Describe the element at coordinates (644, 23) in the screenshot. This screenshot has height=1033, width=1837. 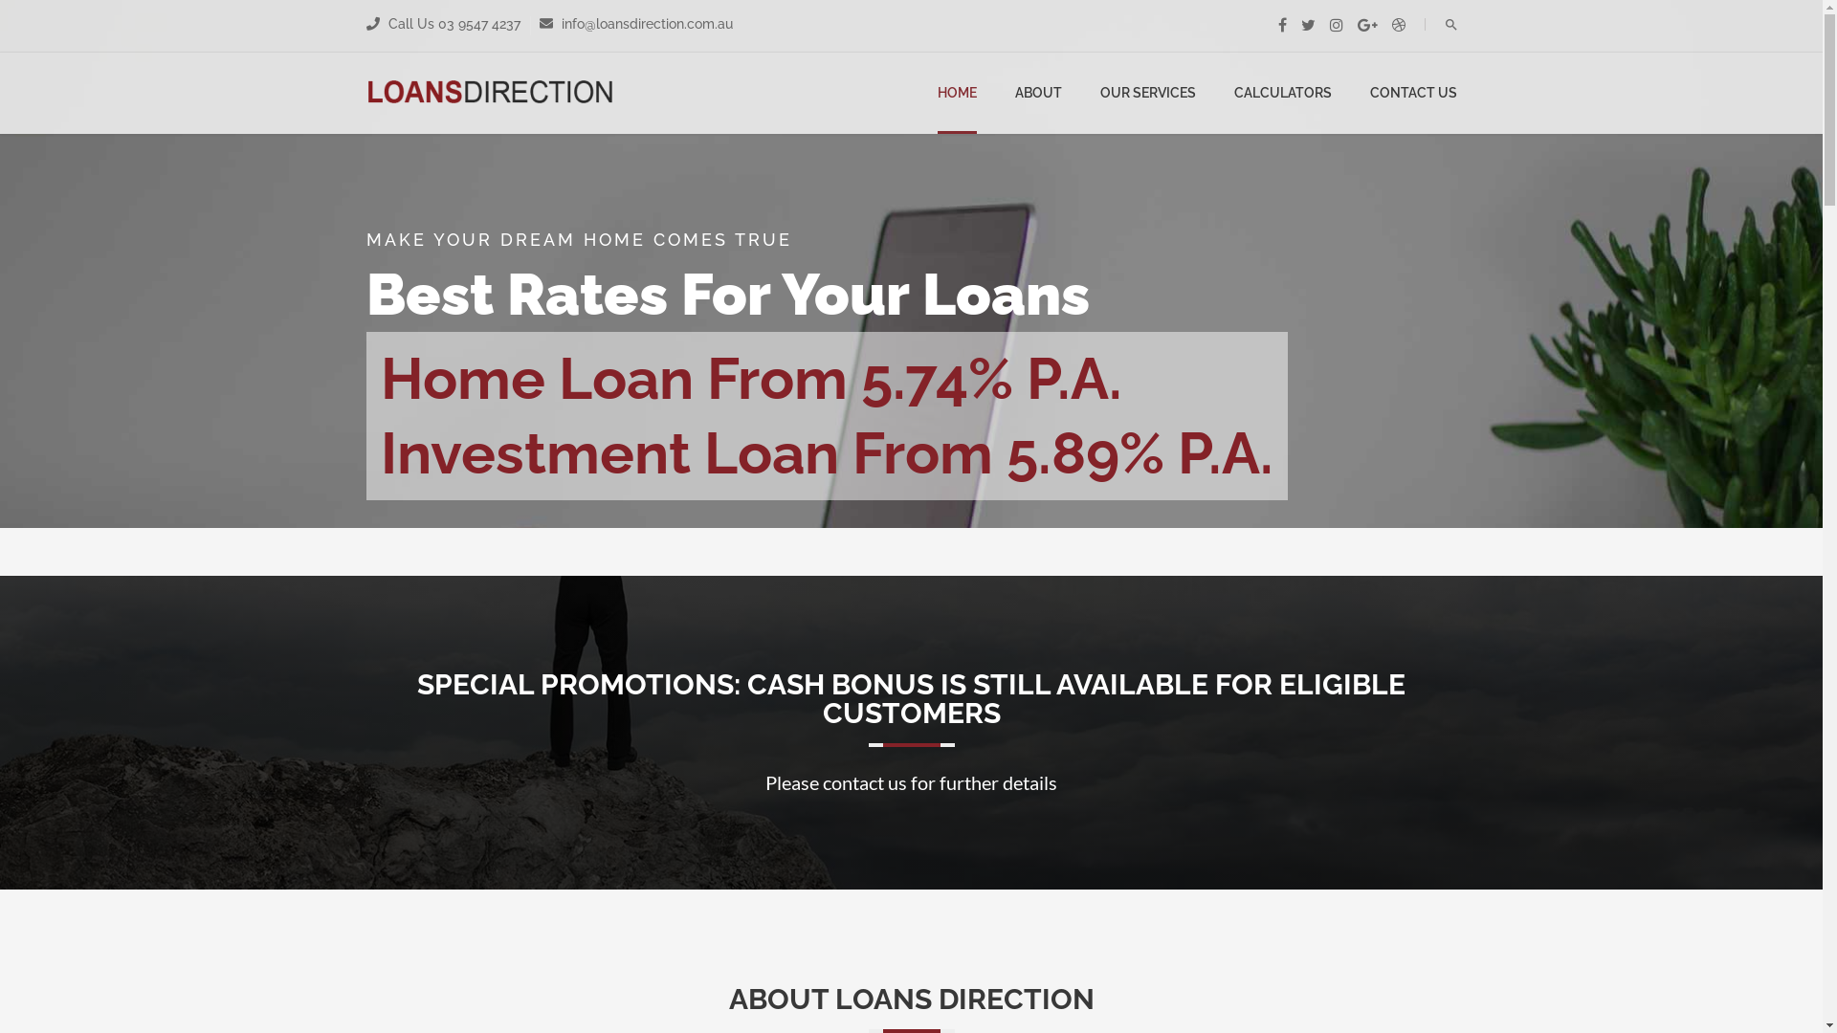
I see `'info@loansdirection.com.au'` at that location.